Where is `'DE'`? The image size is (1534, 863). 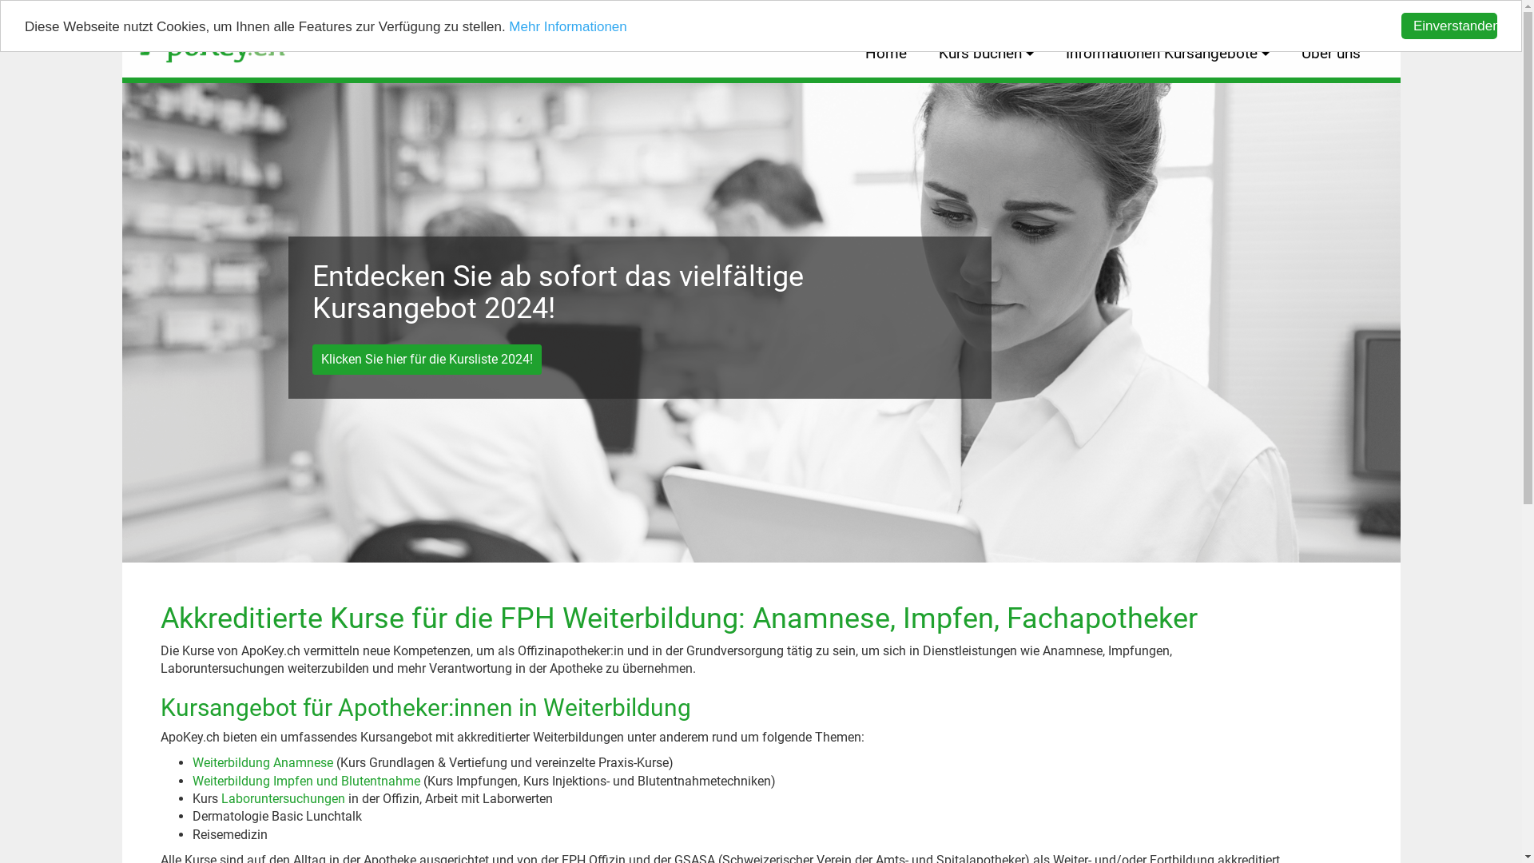 'DE' is located at coordinates (1297, 14).